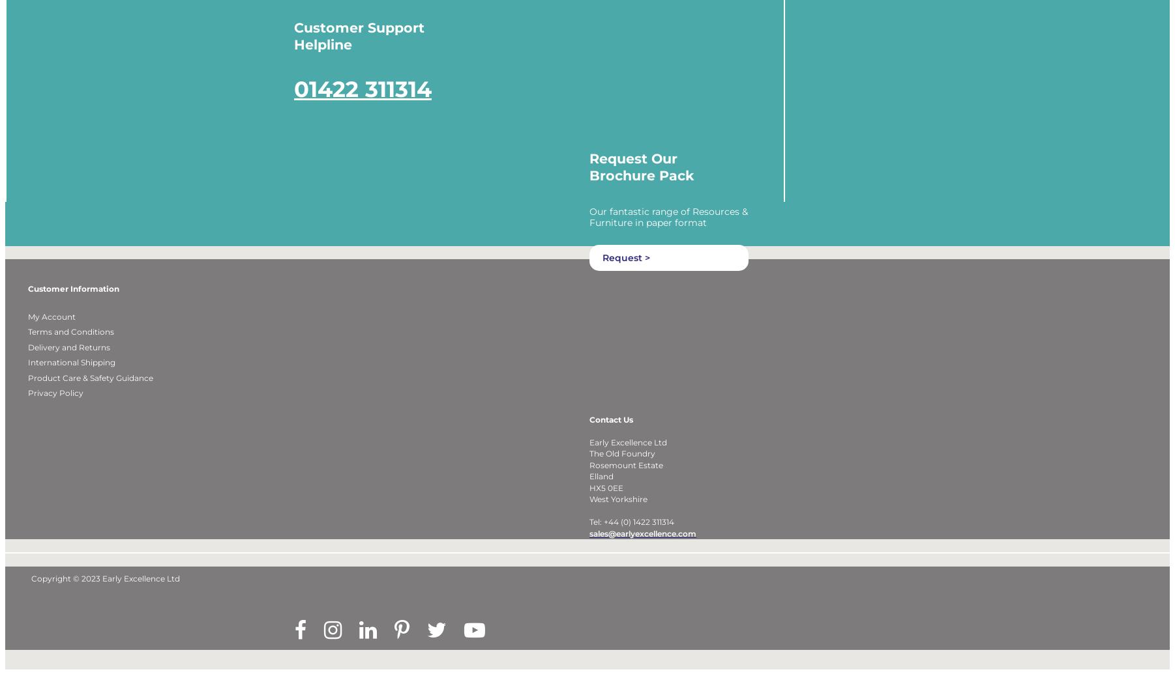  Describe the element at coordinates (642, 550) in the screenshot. I see `'sales@earlyexcellence.com'` at that location.